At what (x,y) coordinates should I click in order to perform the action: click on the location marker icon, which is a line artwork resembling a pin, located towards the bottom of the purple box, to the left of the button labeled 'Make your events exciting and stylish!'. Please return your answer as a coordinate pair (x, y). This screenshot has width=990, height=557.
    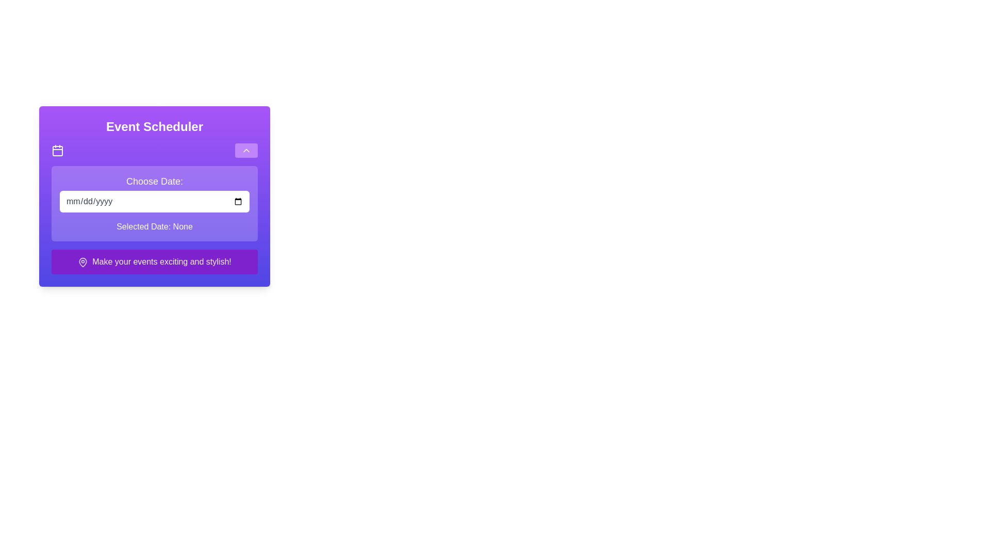
    Looking at the image, I should click on (83, 261).